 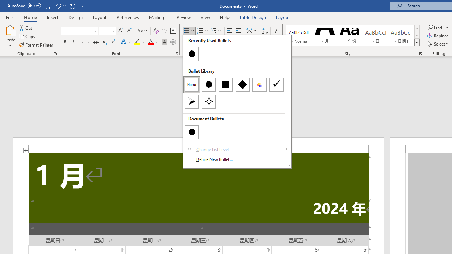 What do you see at coordinates (107, 30) in the screenshot?
I see `'Font Size'` at bounding box center [107, 30].